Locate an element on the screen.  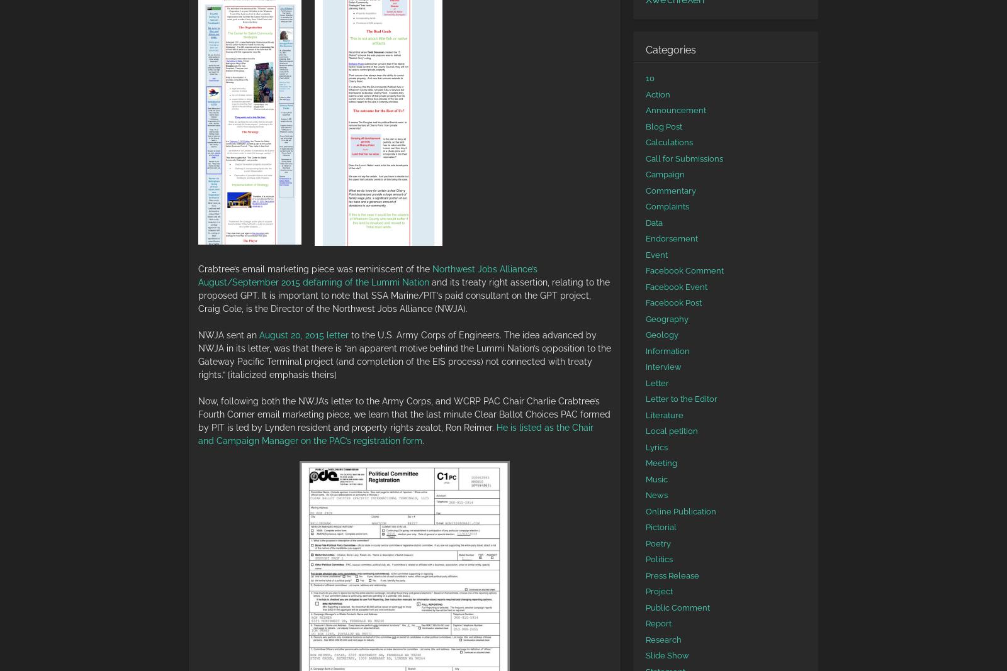
'Endorsement' is located at coordinates (645, 238).